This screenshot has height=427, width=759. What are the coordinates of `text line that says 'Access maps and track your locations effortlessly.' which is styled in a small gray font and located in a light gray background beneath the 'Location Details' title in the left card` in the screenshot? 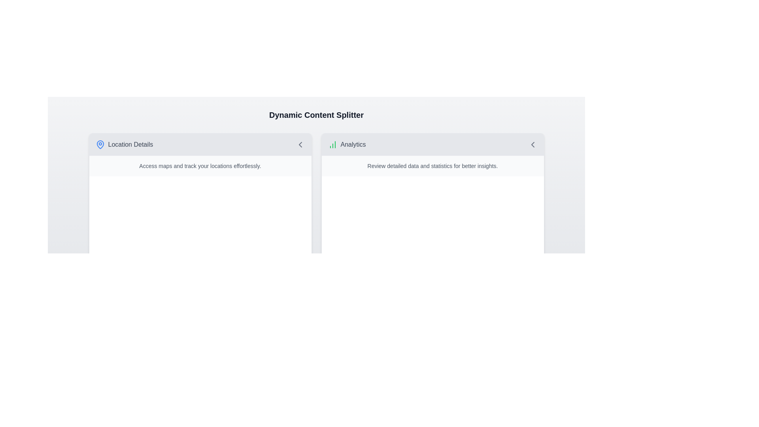 It's located at (200, 166).